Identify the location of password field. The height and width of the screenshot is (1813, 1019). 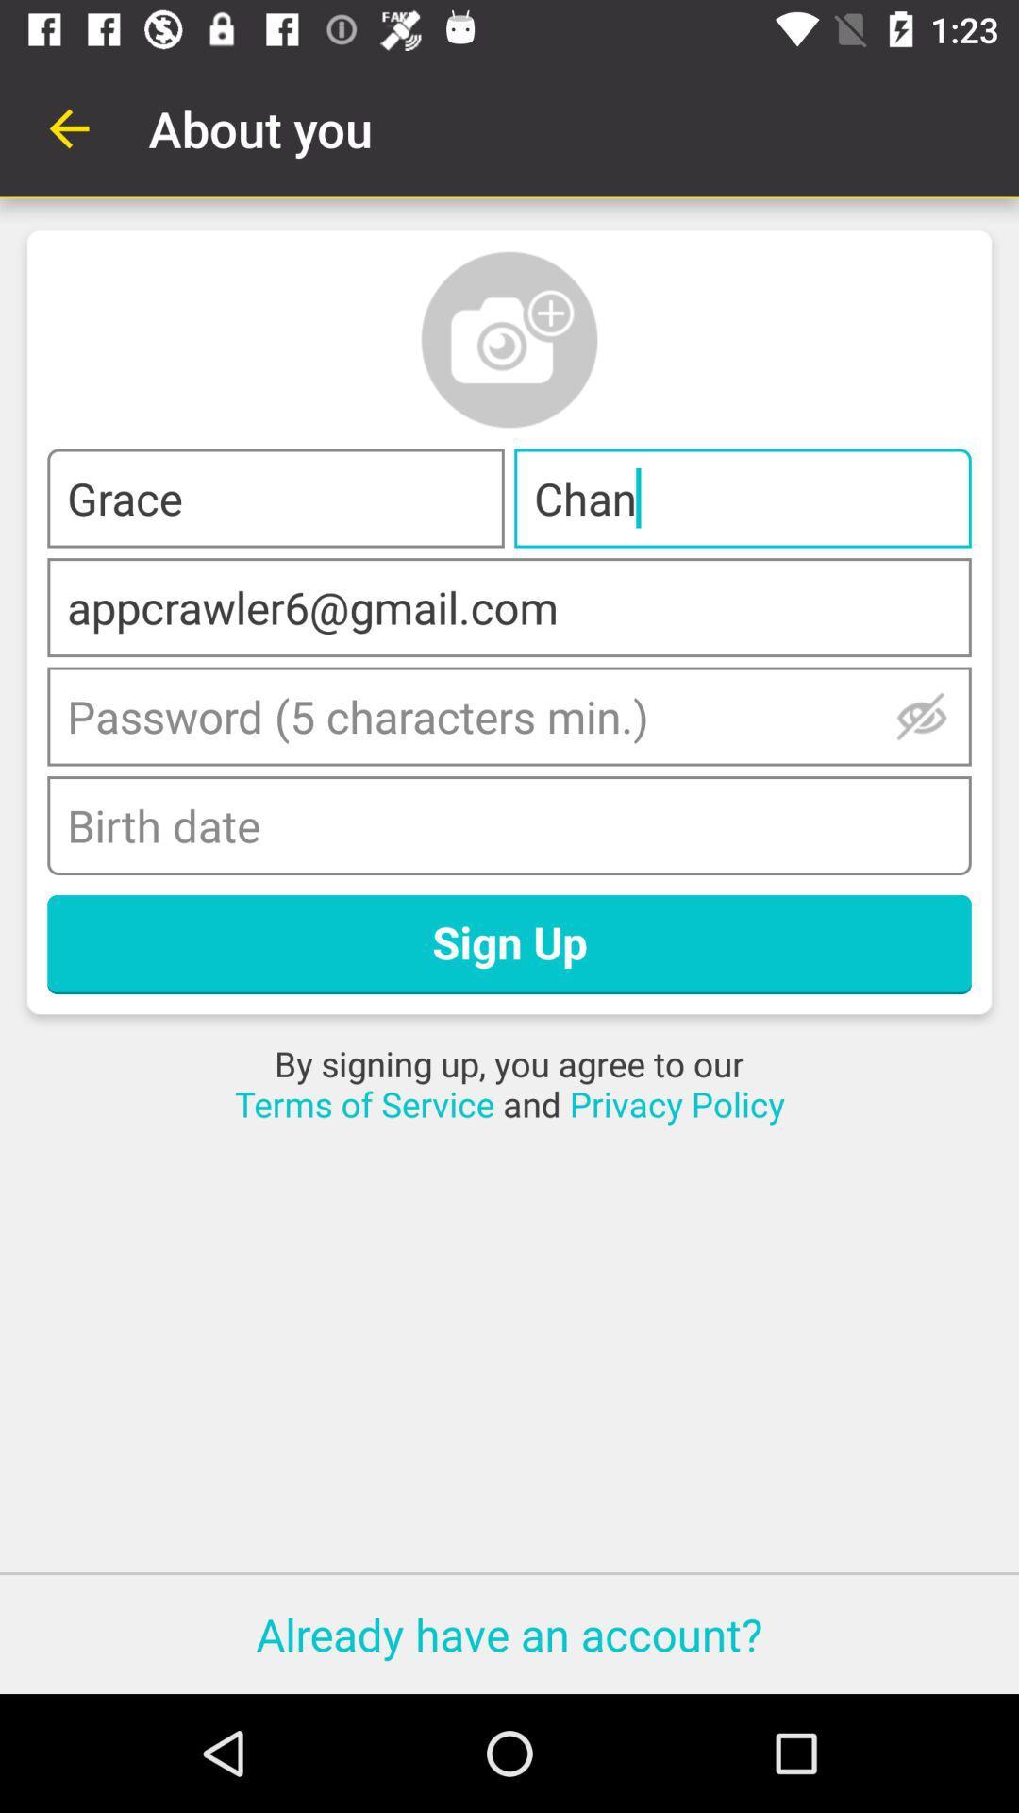
(509, 715).